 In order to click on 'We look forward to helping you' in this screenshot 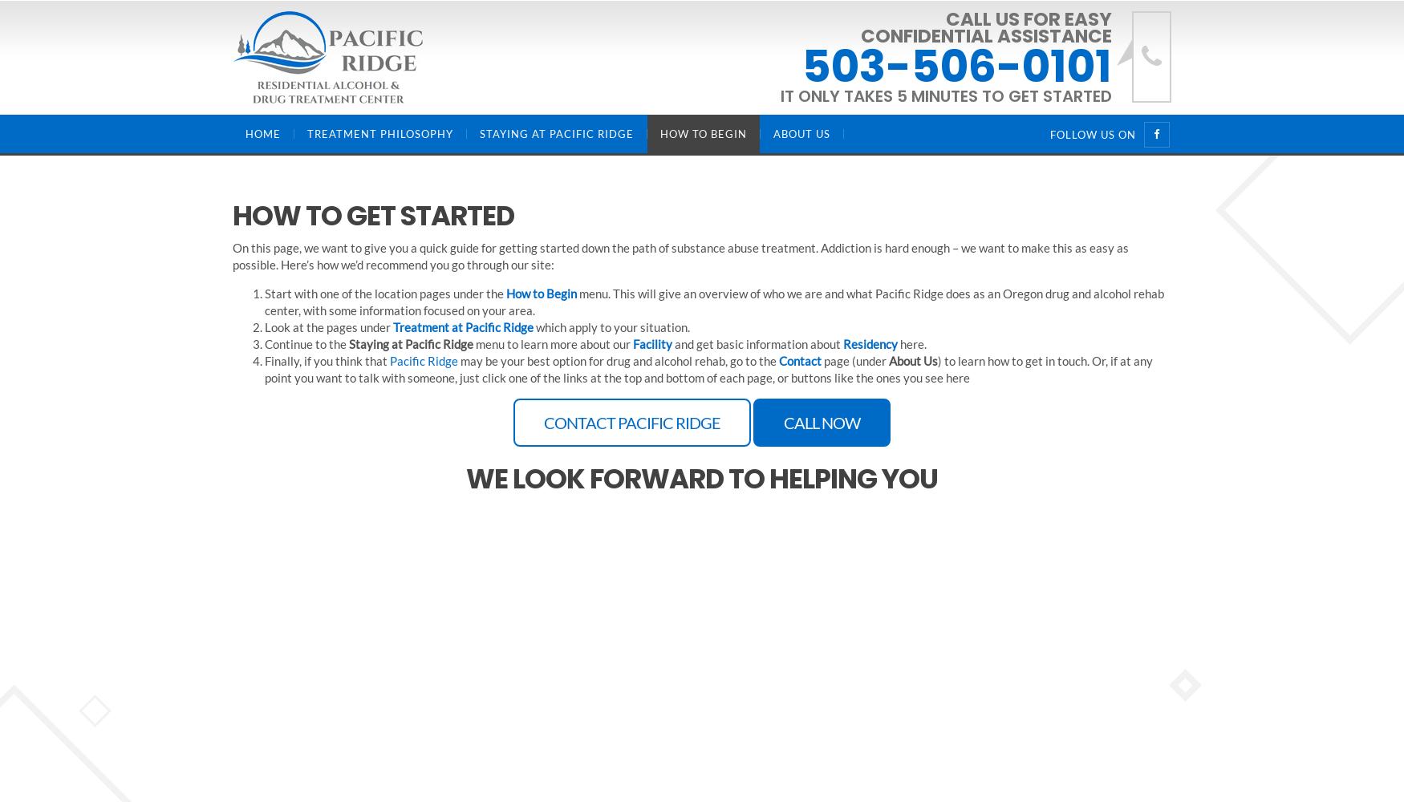, I will do `click(702, 478)`.